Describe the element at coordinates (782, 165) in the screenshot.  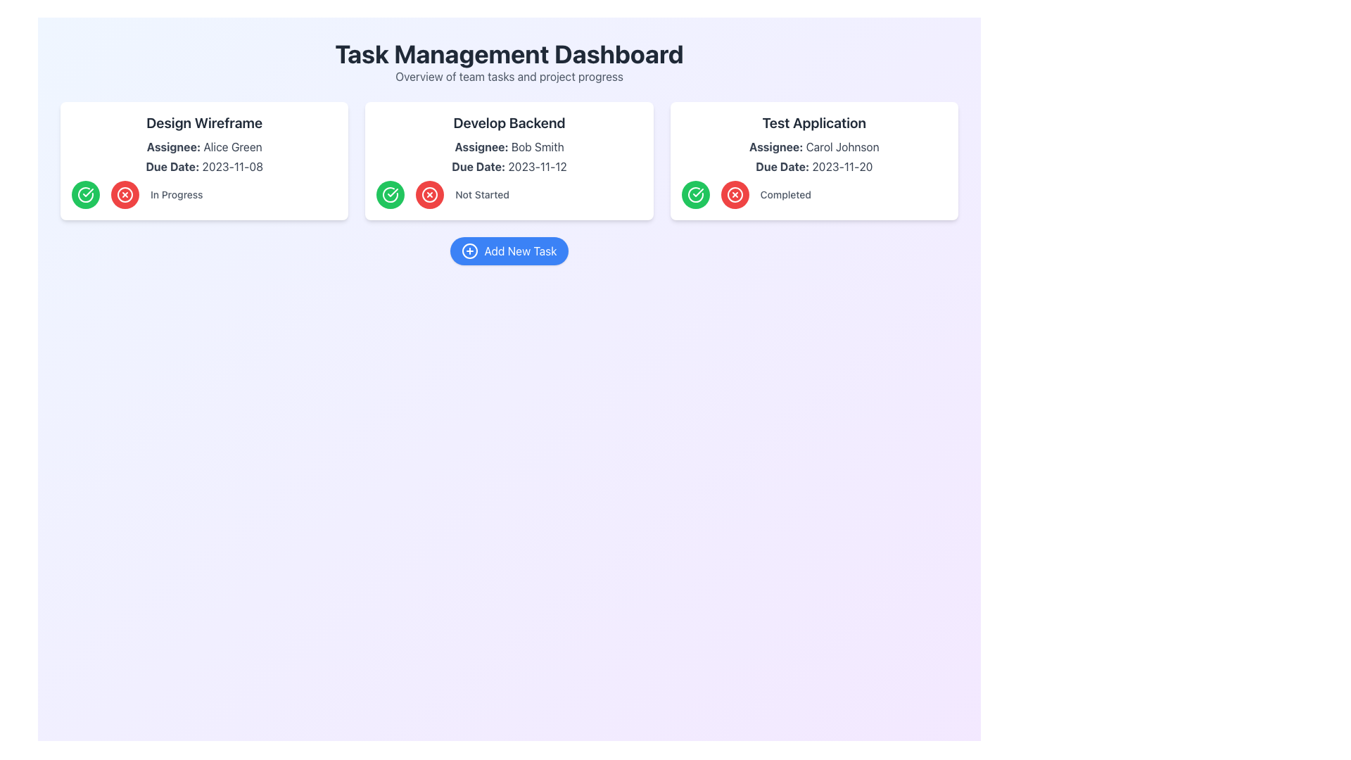
I see `text label that reads 'Due Date:' located in the third card of the interface, which is styled in bold dark gray and positioned above the due date value` at that location.